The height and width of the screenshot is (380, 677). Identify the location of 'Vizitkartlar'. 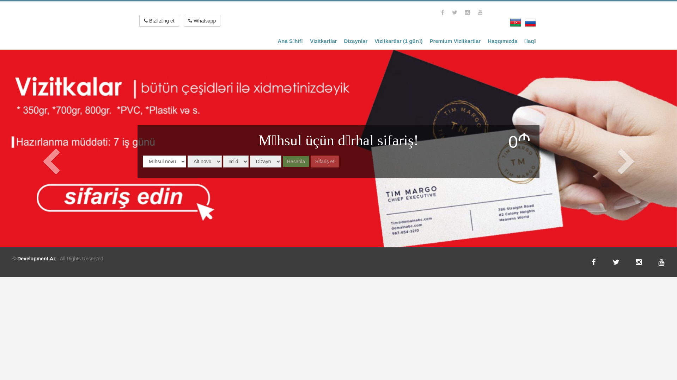
(306, 42).